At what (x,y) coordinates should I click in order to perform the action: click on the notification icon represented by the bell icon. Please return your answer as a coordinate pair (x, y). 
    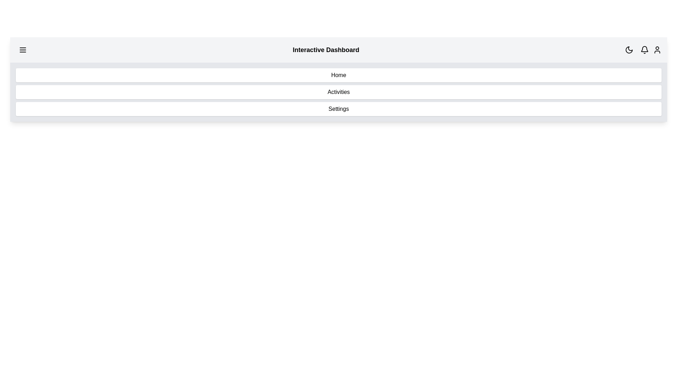
    Looking at the image, I should click on (644, 50).